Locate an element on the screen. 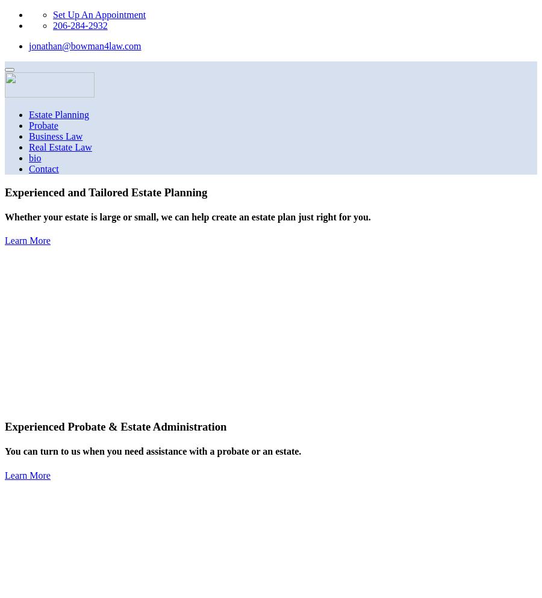 The image size is (542, 598). 'Real Estate Law' is located at coordinates (59, 146).